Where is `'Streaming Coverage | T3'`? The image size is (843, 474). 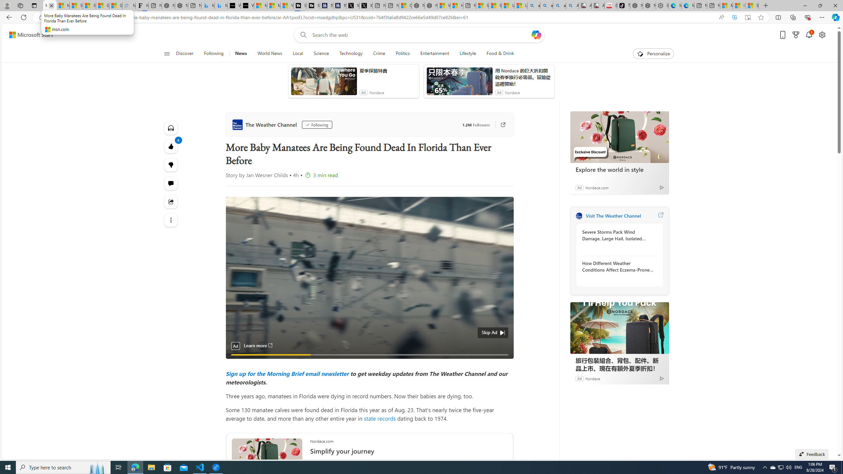
'Streaming Coverage | T3' is located at coordinates (300, 5).